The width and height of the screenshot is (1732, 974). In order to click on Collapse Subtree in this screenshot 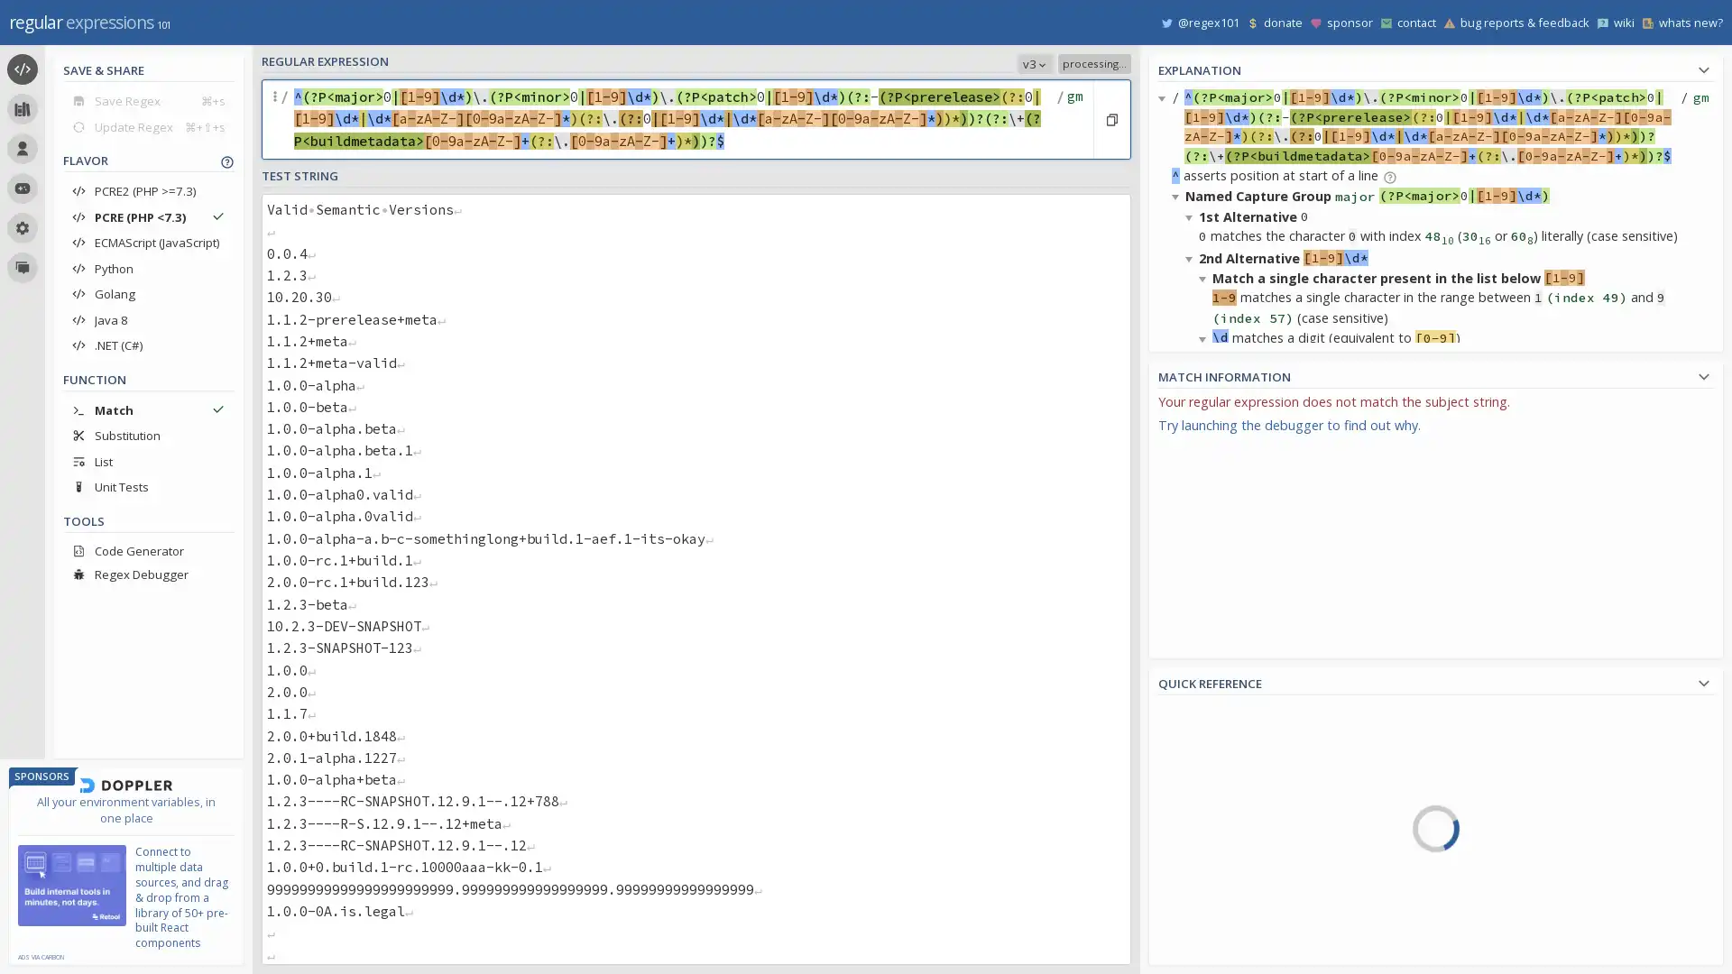, I will do `click(1192, 482)`.